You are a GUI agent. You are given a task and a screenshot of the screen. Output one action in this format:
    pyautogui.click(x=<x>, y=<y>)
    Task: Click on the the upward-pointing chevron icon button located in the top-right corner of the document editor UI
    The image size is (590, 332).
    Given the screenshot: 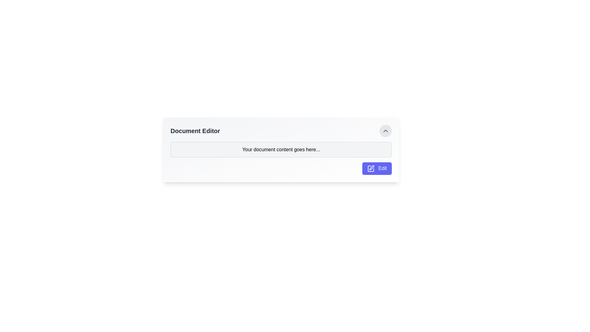 What is the action you would take?
    pyautogui.click(x=385, y=130)
    